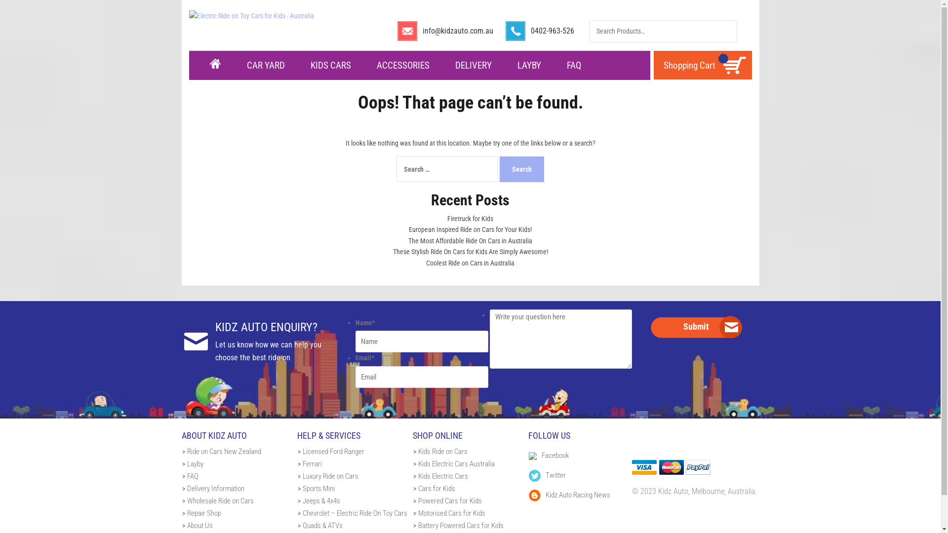  What do you see at coordinates (530, 30) in the screenshot?
I see `'0402-963-526'` at bounding box center [530, 30].